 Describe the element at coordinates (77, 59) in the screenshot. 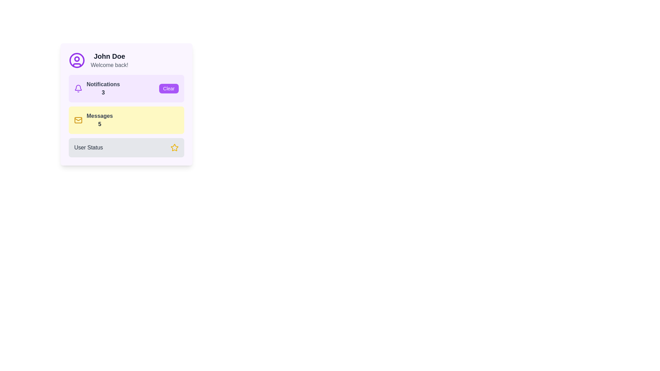

I see `the SVG Circle that represents the eye or lens part of the user profile icon, which is located at the top left of the user card layout` at that location.